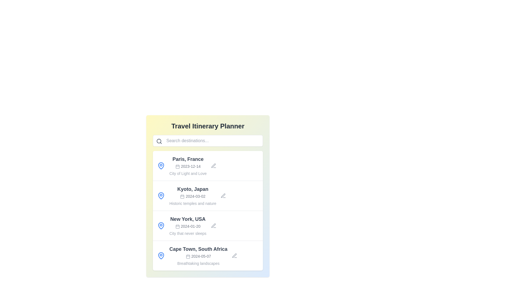 This screenshot has width=528, height=297. Describe the element at coordinates (213, 226) in the screenshot. I see `the pen icon, which is a slanted graphic element in light gray color, located to the right of the 'New York, USA' entry in the travel destinations list` at that location.